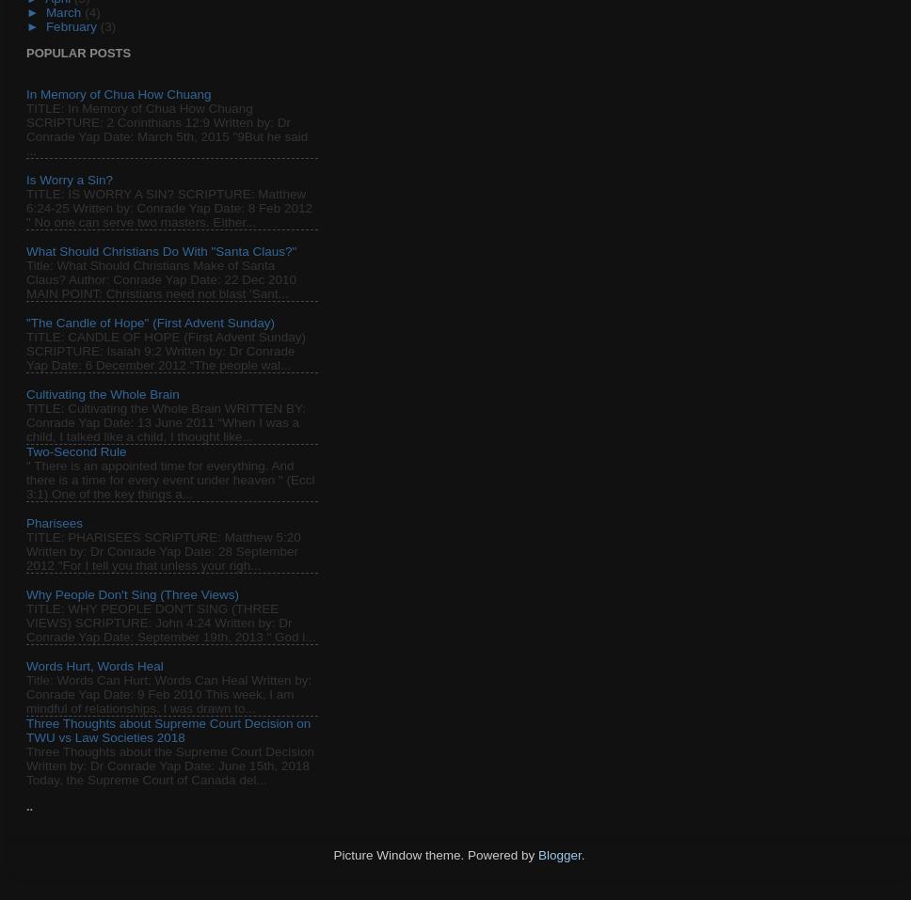 Image resolution: width=911 pixels, height=900 pixels. What do you see at coordinates (71, 24) in the screenshot?
I see `'February'` at bounding box center [71, 24].